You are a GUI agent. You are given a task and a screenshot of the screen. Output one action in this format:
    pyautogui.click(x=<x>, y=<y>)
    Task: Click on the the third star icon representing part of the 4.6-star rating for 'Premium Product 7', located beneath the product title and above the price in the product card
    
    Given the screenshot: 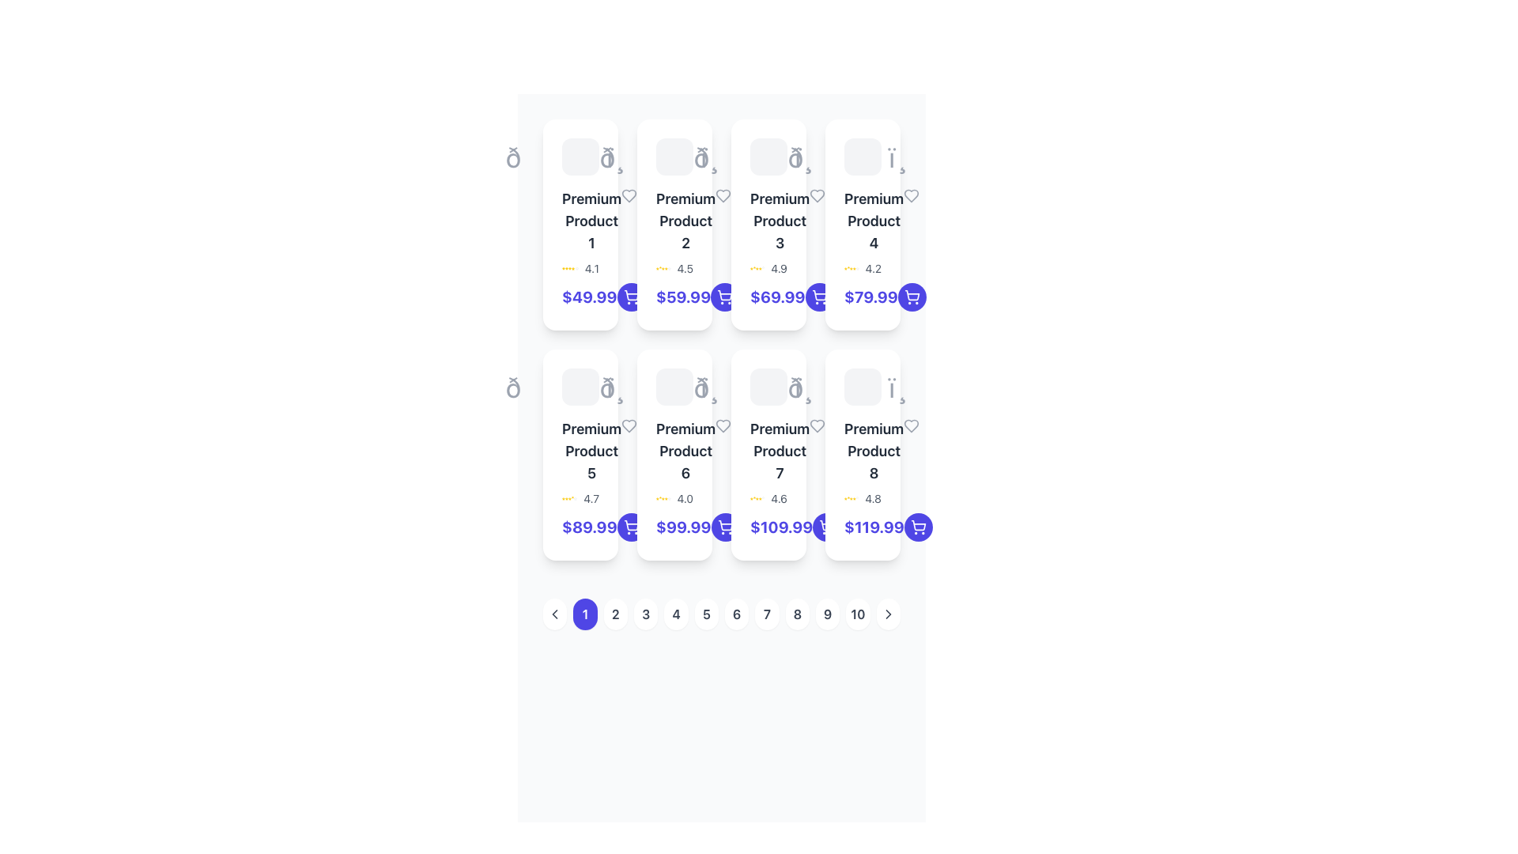 What is the action you would take?
    pyautogui.click(x=753, y=499)
    